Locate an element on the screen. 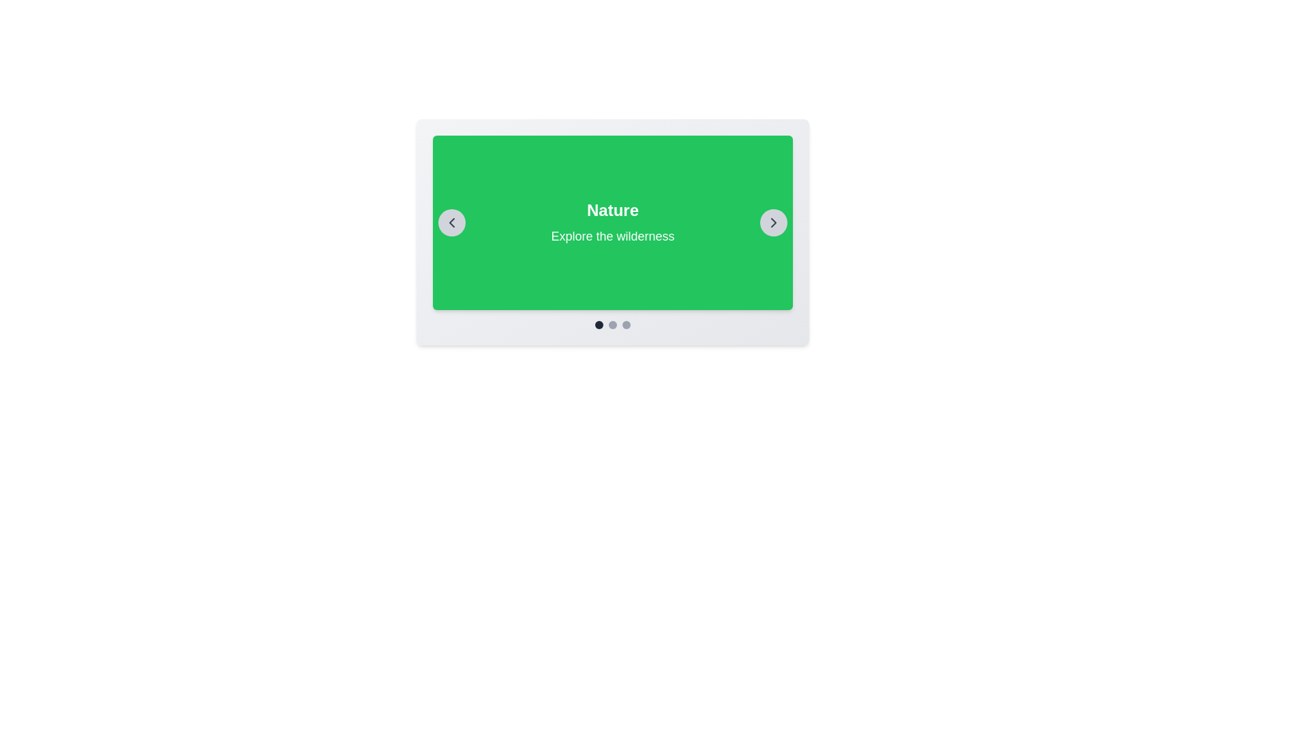  the third circular indicator with a light grayish background located at the bottom of the content card or carousel is located at coordinates (625, 325).